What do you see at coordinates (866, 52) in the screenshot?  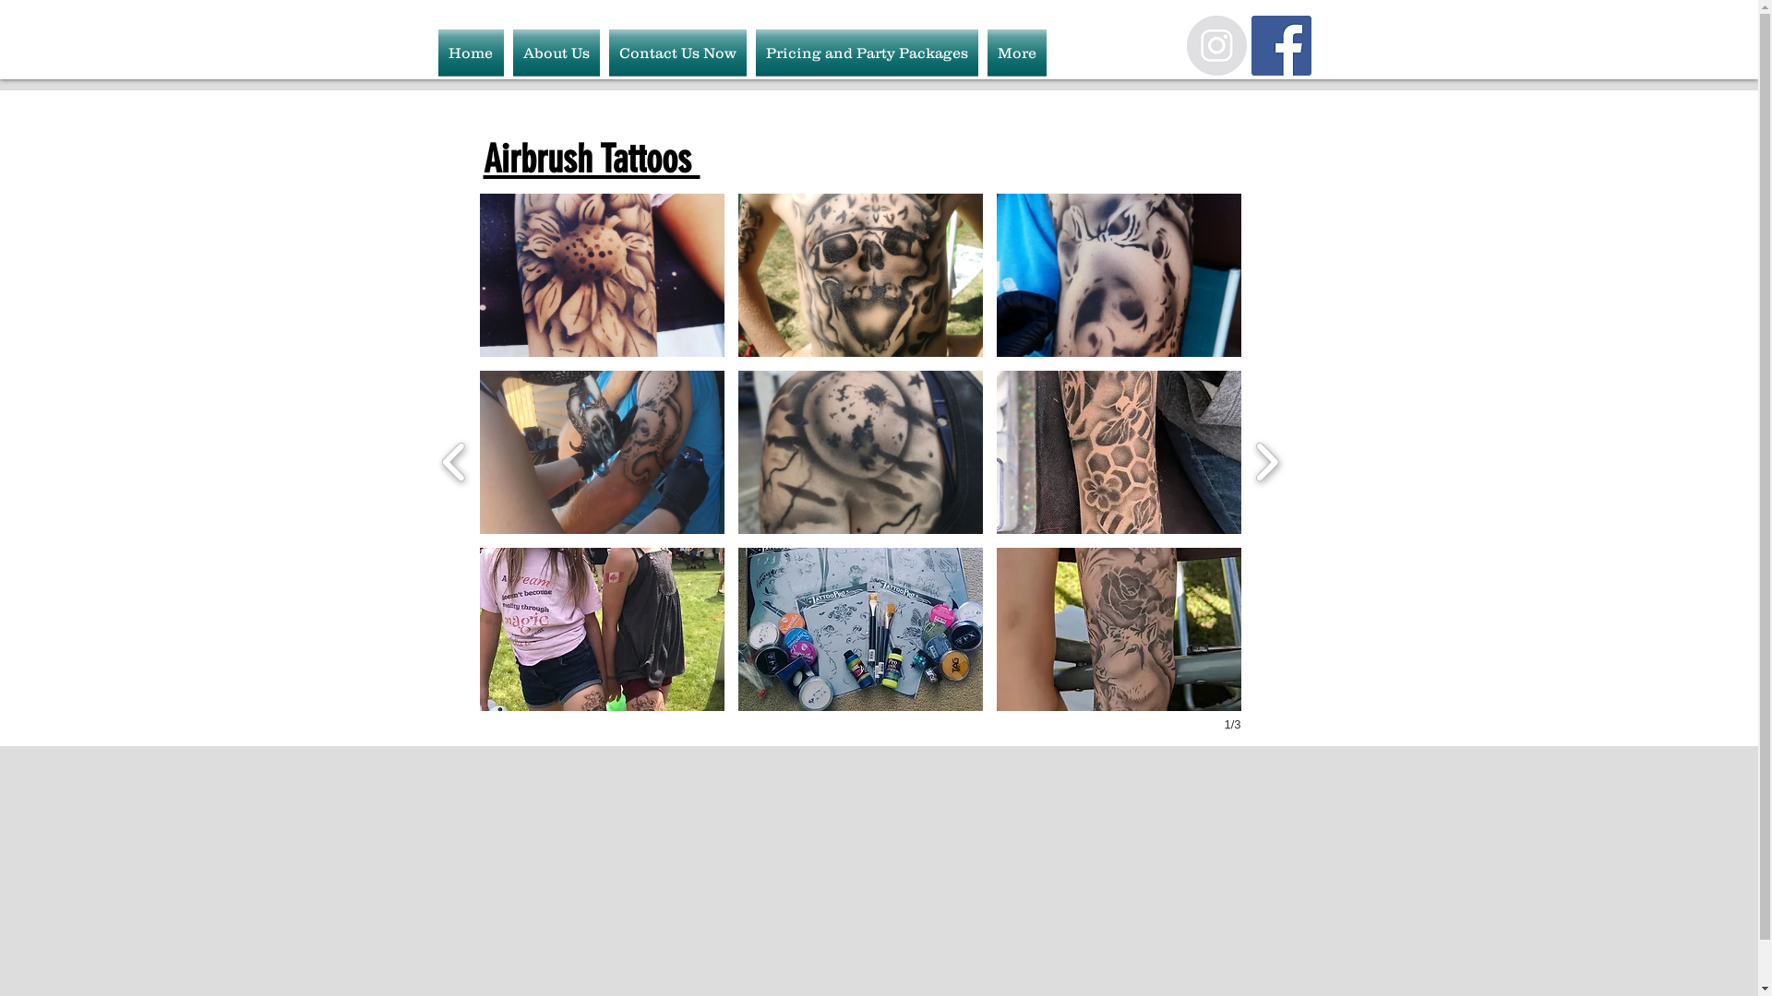 I see `'Pricing and Party Packages'` at bounding box center [866, 52].